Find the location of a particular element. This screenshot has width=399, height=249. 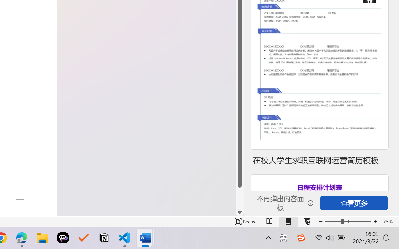

'Print Layout' is located at coordinates (288, 221).